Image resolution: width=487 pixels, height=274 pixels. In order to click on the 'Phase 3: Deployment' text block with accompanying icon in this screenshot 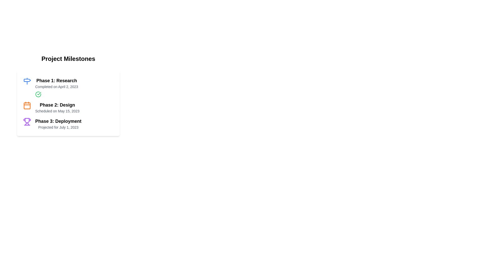, I will do `click(68, 124)`.